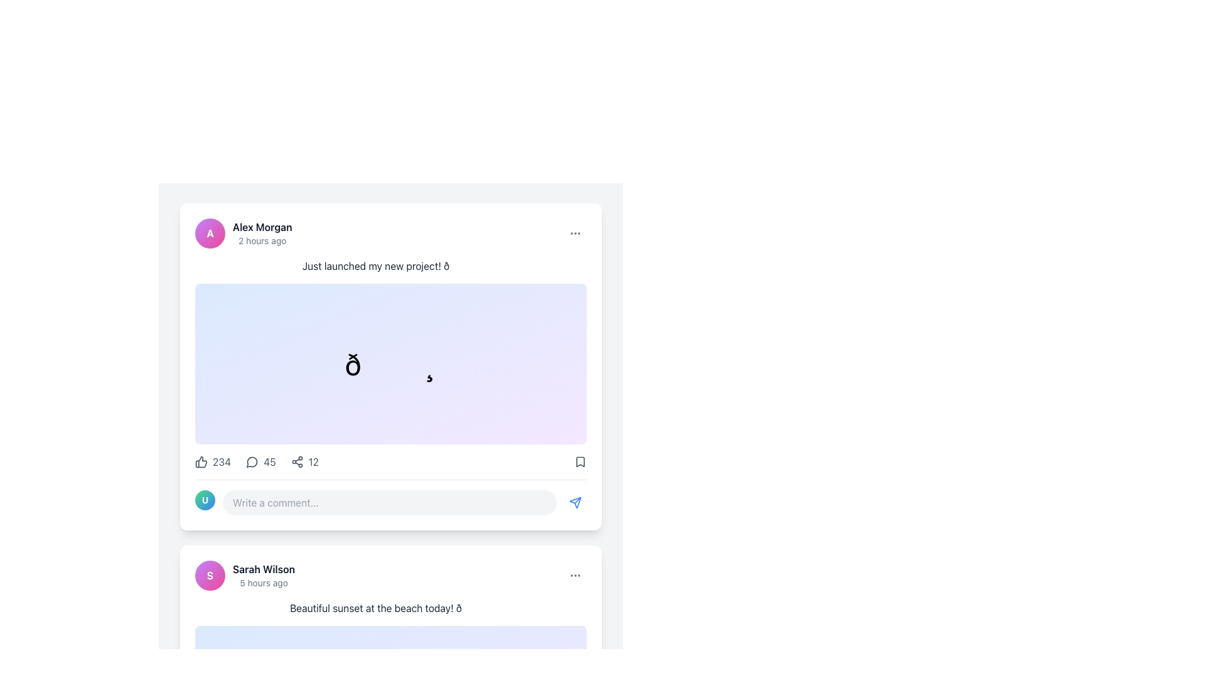 This screenshot has width=1205, height=678. Describe the element at coordinates (251, 462) in the screenshot. I see `the chat bubble icon located beneath the post by 'Alex Morgan'` at that location.